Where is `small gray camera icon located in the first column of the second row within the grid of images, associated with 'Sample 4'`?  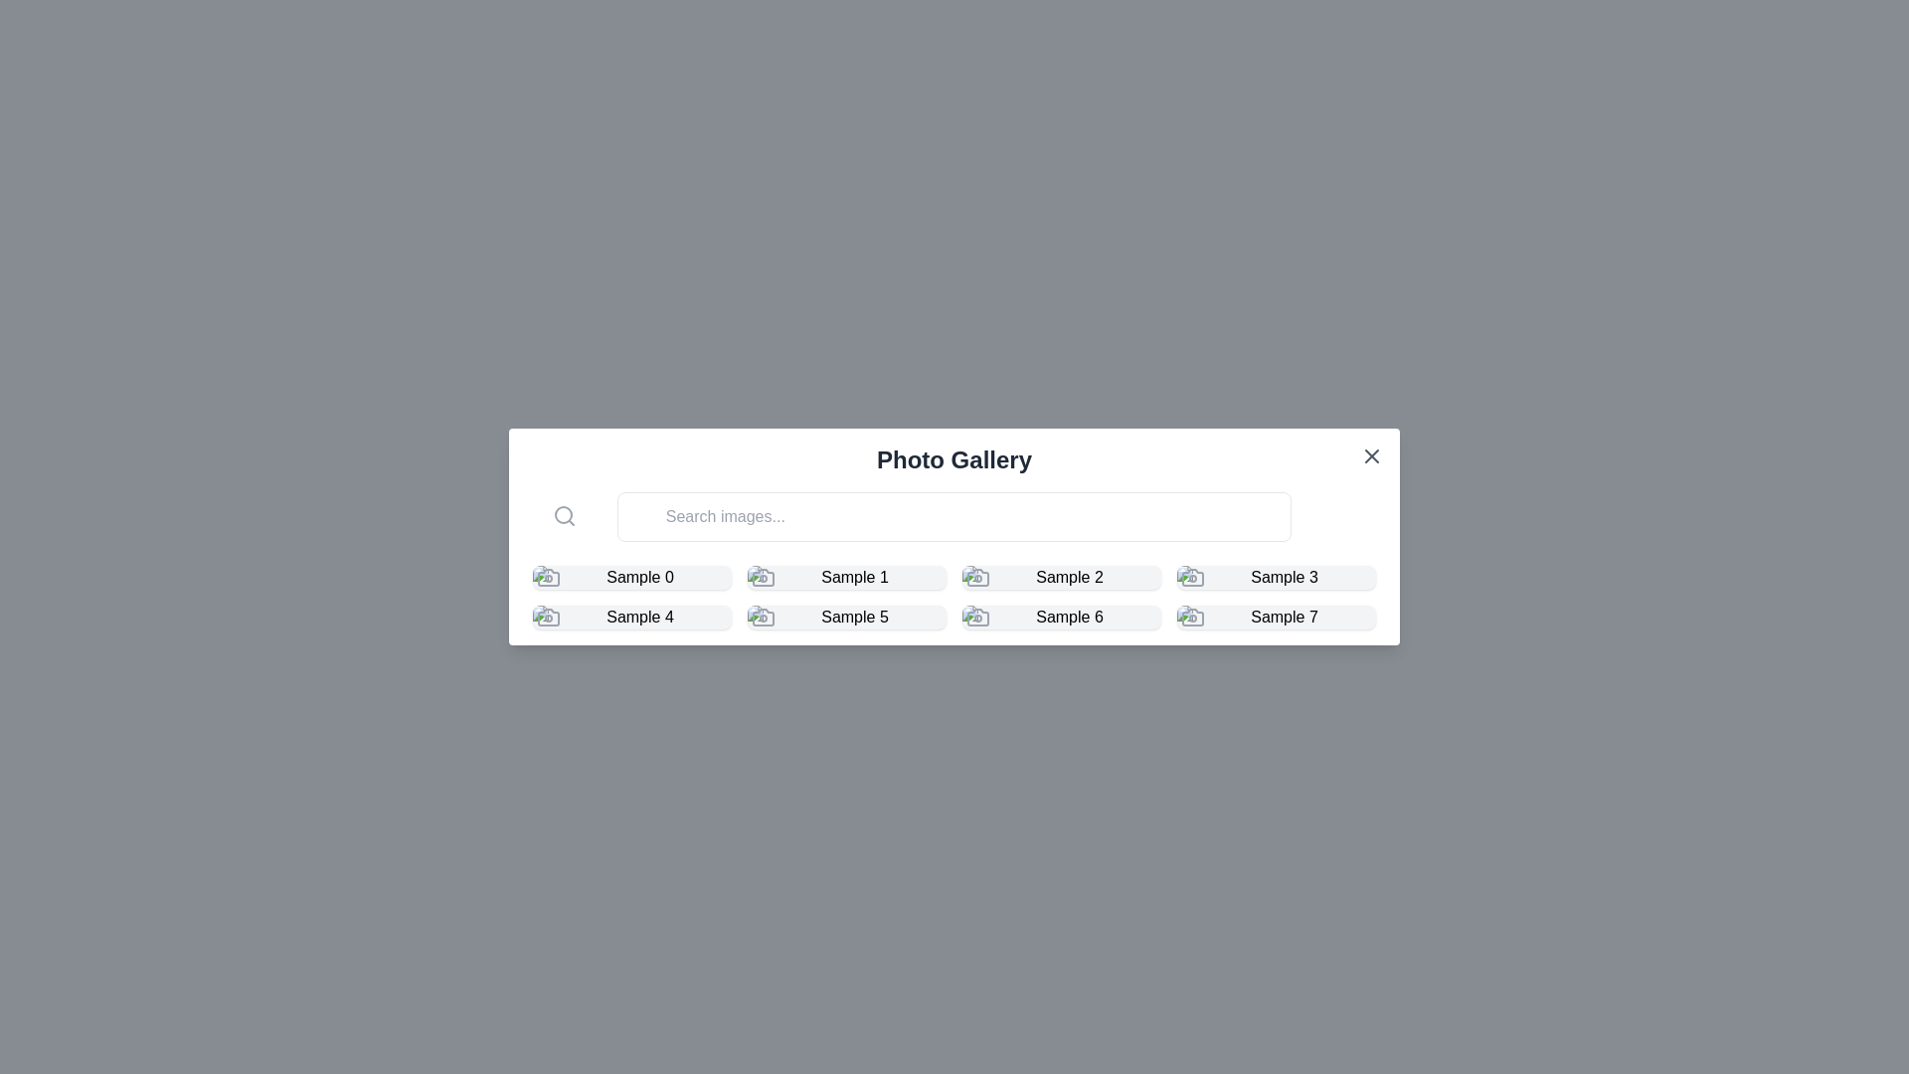 small gray camera icon located in the first column of the second row within the grid of images, associated with 'Sample 4' is located at coordinates (549, 617).